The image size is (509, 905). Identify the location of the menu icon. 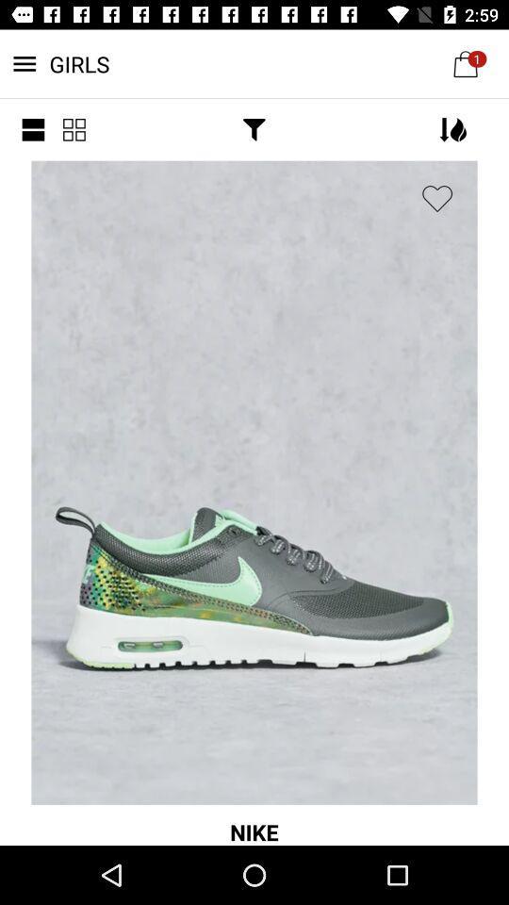
(33, 128).